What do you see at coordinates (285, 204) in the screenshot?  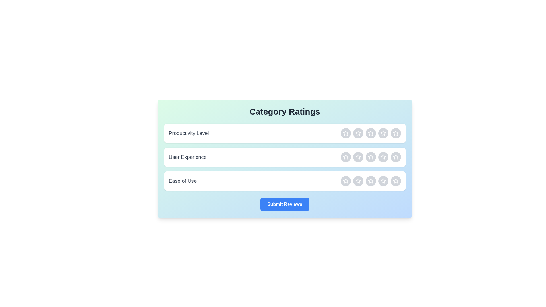 I see `'Submit Reviews' button to submit the ratings` at bounding box center [285, 204].